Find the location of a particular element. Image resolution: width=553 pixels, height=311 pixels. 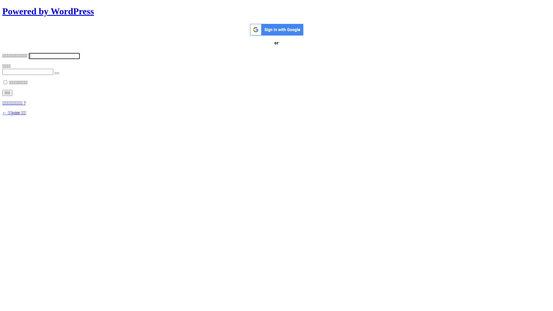

'Powered by WordPress' is located at coordinates (48, 11).